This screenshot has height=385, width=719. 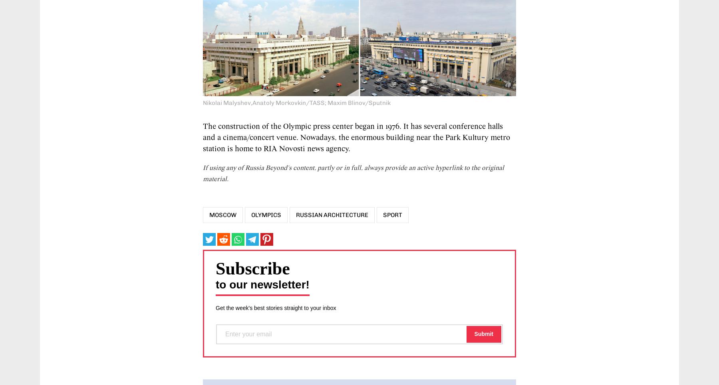 What do you see at coordinates (296, 102) in the screenshot?
I see `'Nikolai Malyshev,Anatoly Morkovkin/TASS; Maxim Blinov/Sputnik'` at bounding box center [296, 102].